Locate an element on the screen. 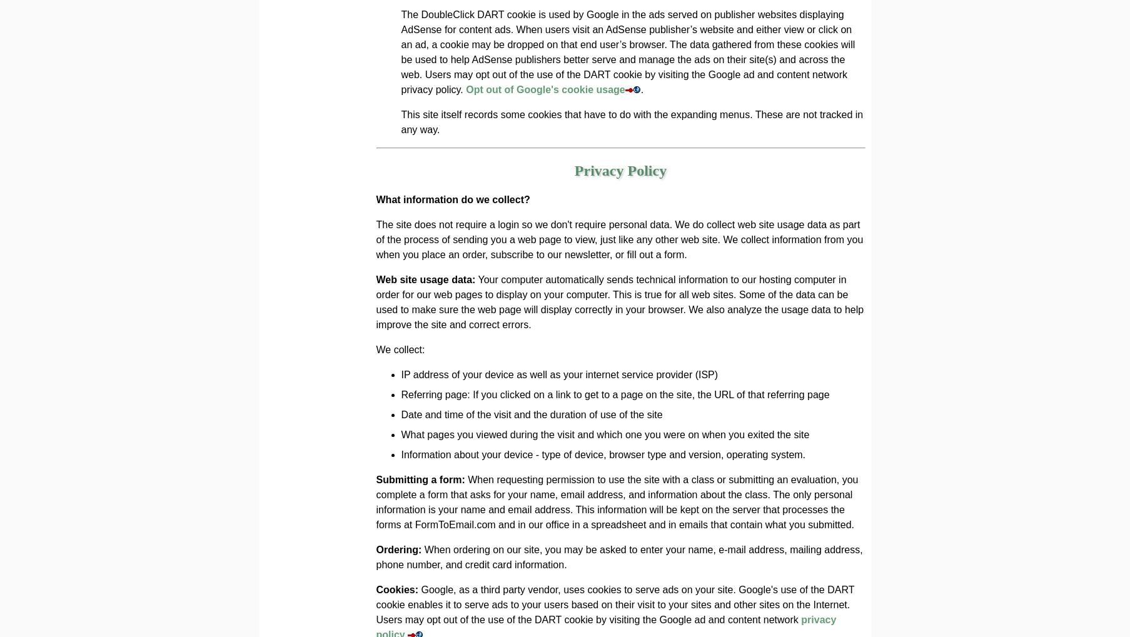 This screenshot has height=637, width=1130. 'We collect:' is located at coordinates (400, 349).